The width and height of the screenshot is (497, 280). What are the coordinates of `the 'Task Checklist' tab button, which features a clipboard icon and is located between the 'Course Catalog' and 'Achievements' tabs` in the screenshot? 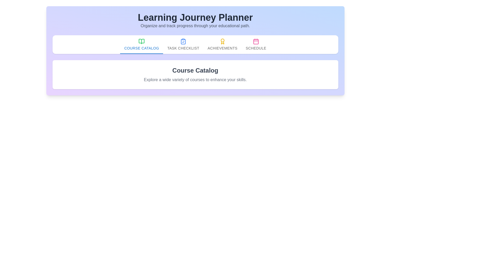 It's located at (183, 44).